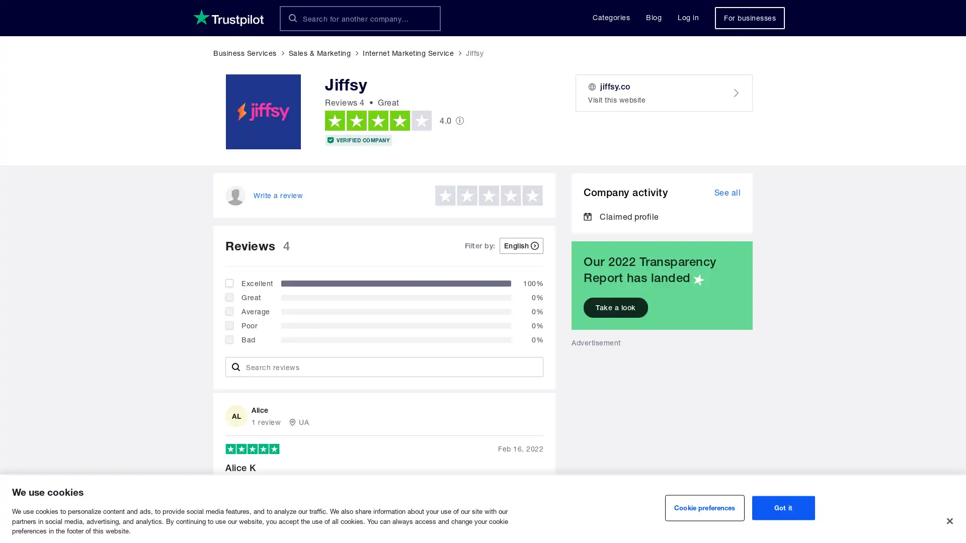 The width and height of the screenshot is (966, 543). I want to click on Cookie preferences, so click(704, 508).